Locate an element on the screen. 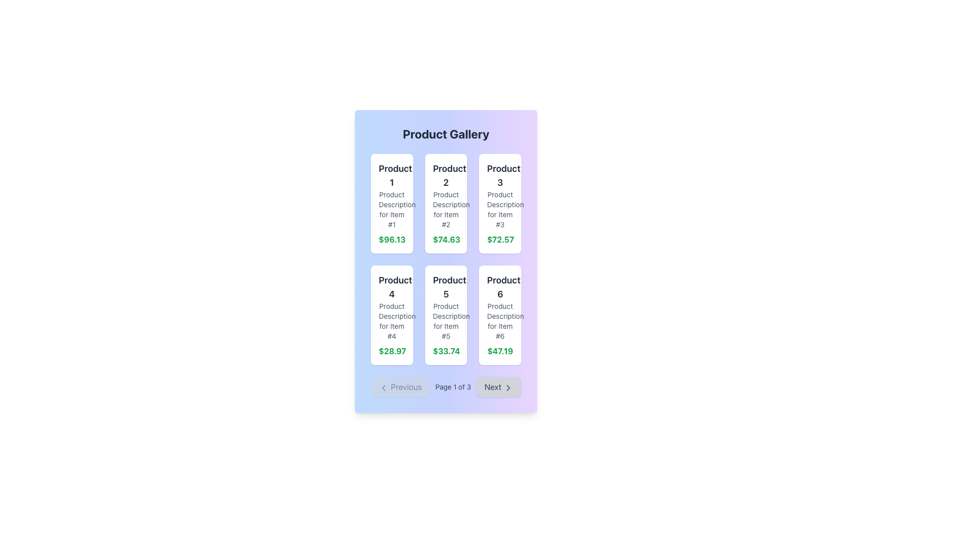 The height and width of the screenshot is (538, 957). price text '$28.97' displayed in bold green font, located at the bottom of the 'Product 4' card in the grid layout is located at coordinates (391, 351).